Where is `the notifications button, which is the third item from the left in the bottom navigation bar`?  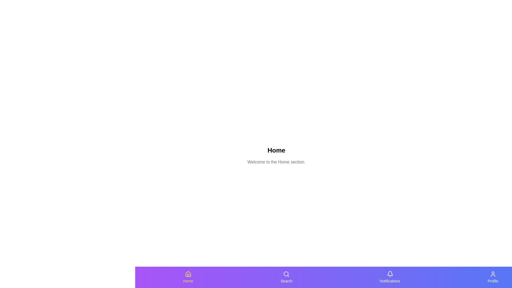
the notifications button, which is the third item from the left in the bottom navigation bar is located at coordinates (390, 277).